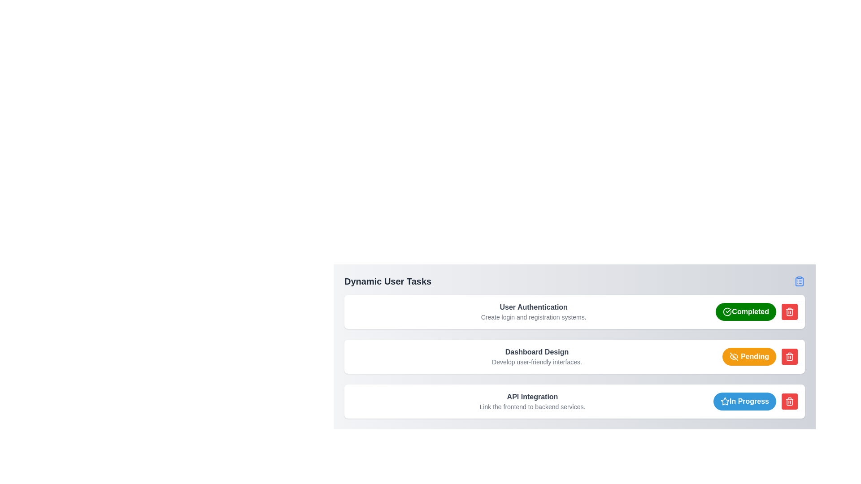  I want to click on the text in the text display section of the third task card labeled 'API Integration', which summarizes the purpose and context of the task, so click(532, 401).